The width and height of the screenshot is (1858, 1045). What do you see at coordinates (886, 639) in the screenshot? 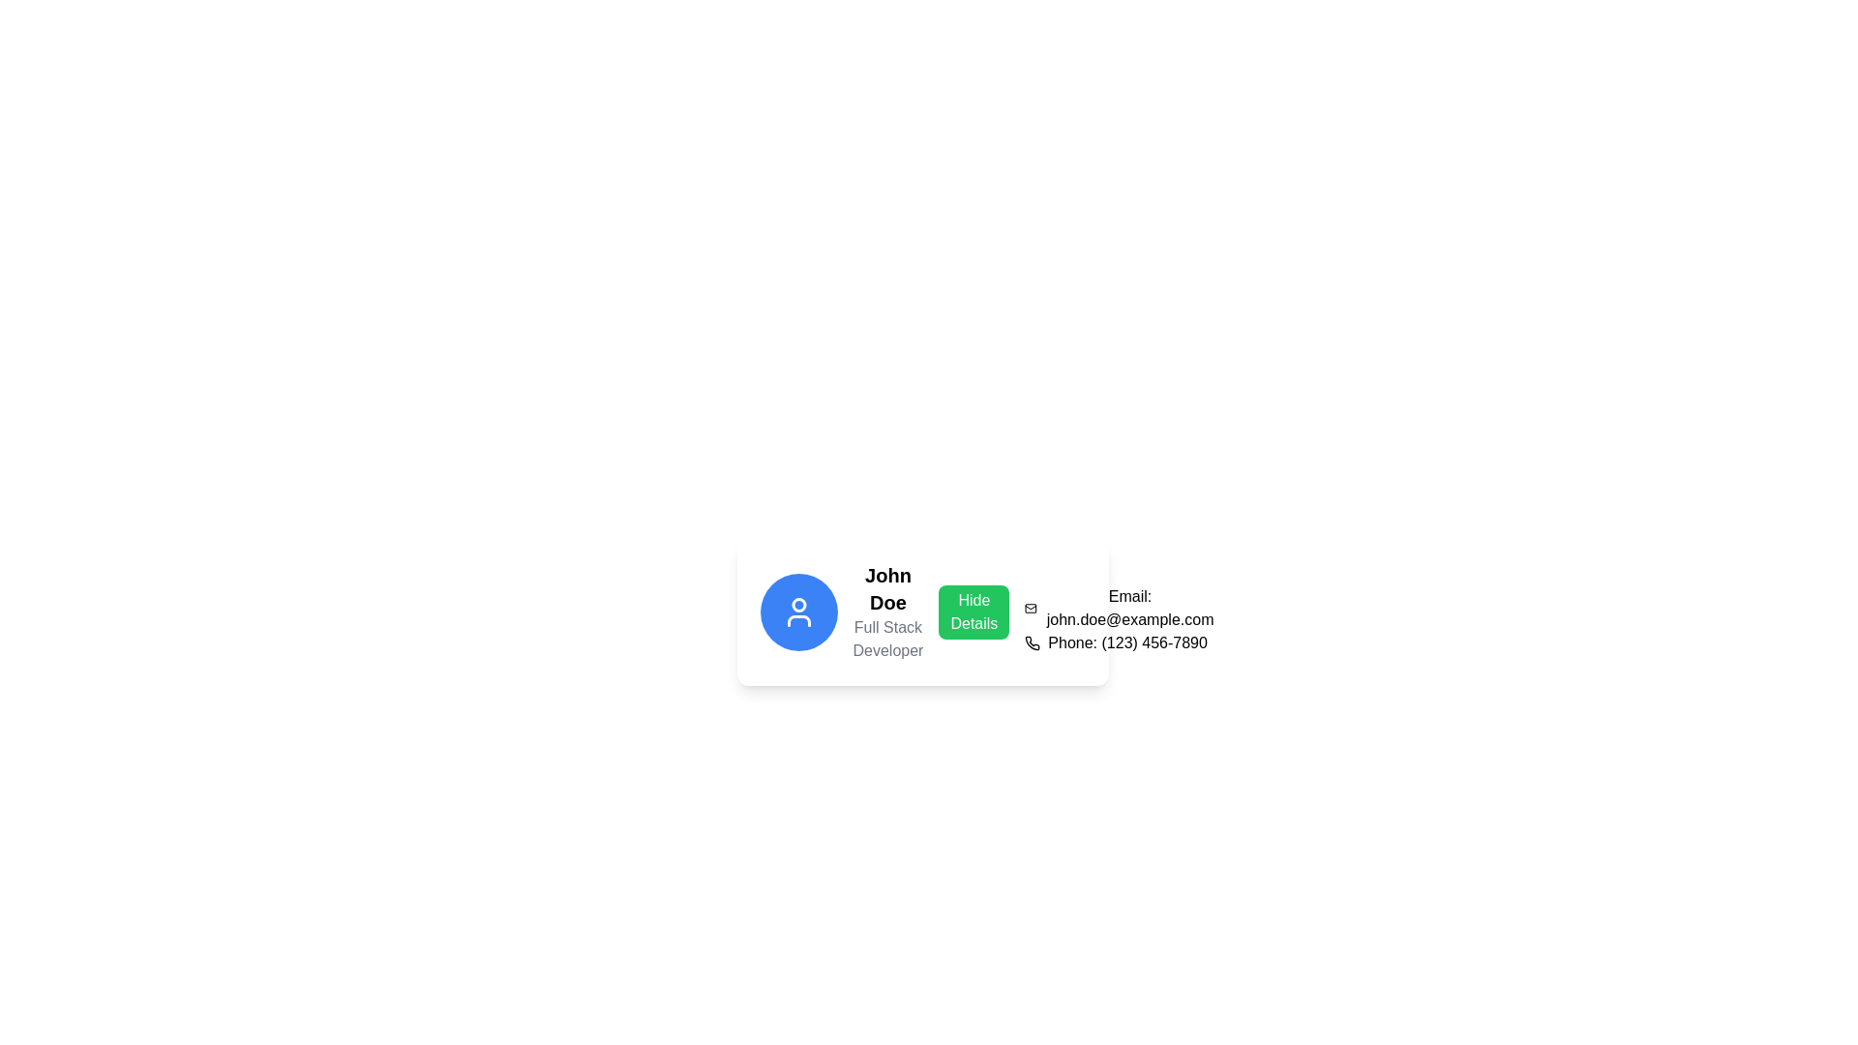
I see `the Text label indicating the professional role or title associated with 'John Doe', which is located directly below the sibling element 'John Doe'` at bounding box center [886, 639].